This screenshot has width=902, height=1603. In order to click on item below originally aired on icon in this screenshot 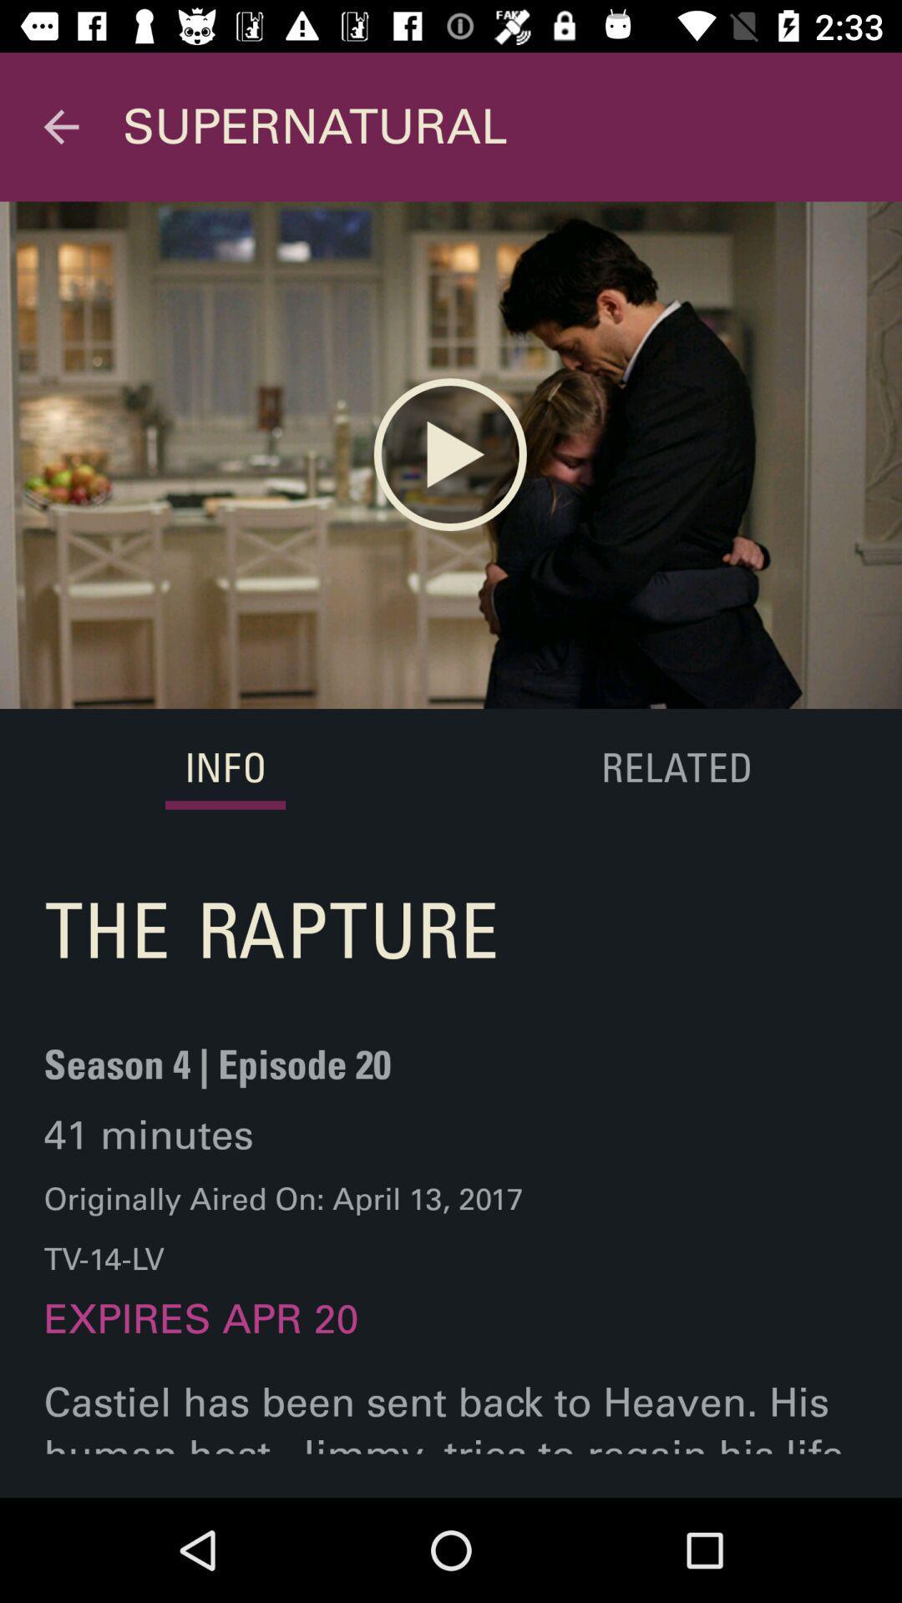, I will do `click(200, 1336)`.